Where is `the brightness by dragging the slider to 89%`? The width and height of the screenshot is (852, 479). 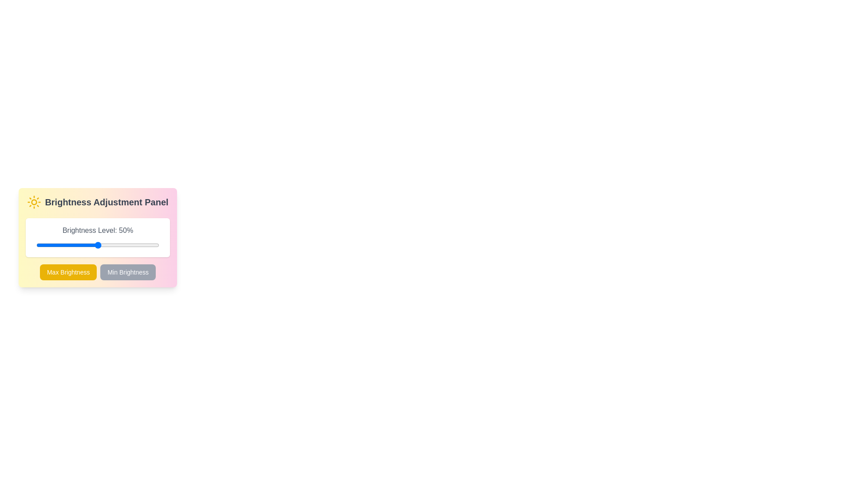 the brightness by dragging the slider to 89% is located at coordinates (146, 245).